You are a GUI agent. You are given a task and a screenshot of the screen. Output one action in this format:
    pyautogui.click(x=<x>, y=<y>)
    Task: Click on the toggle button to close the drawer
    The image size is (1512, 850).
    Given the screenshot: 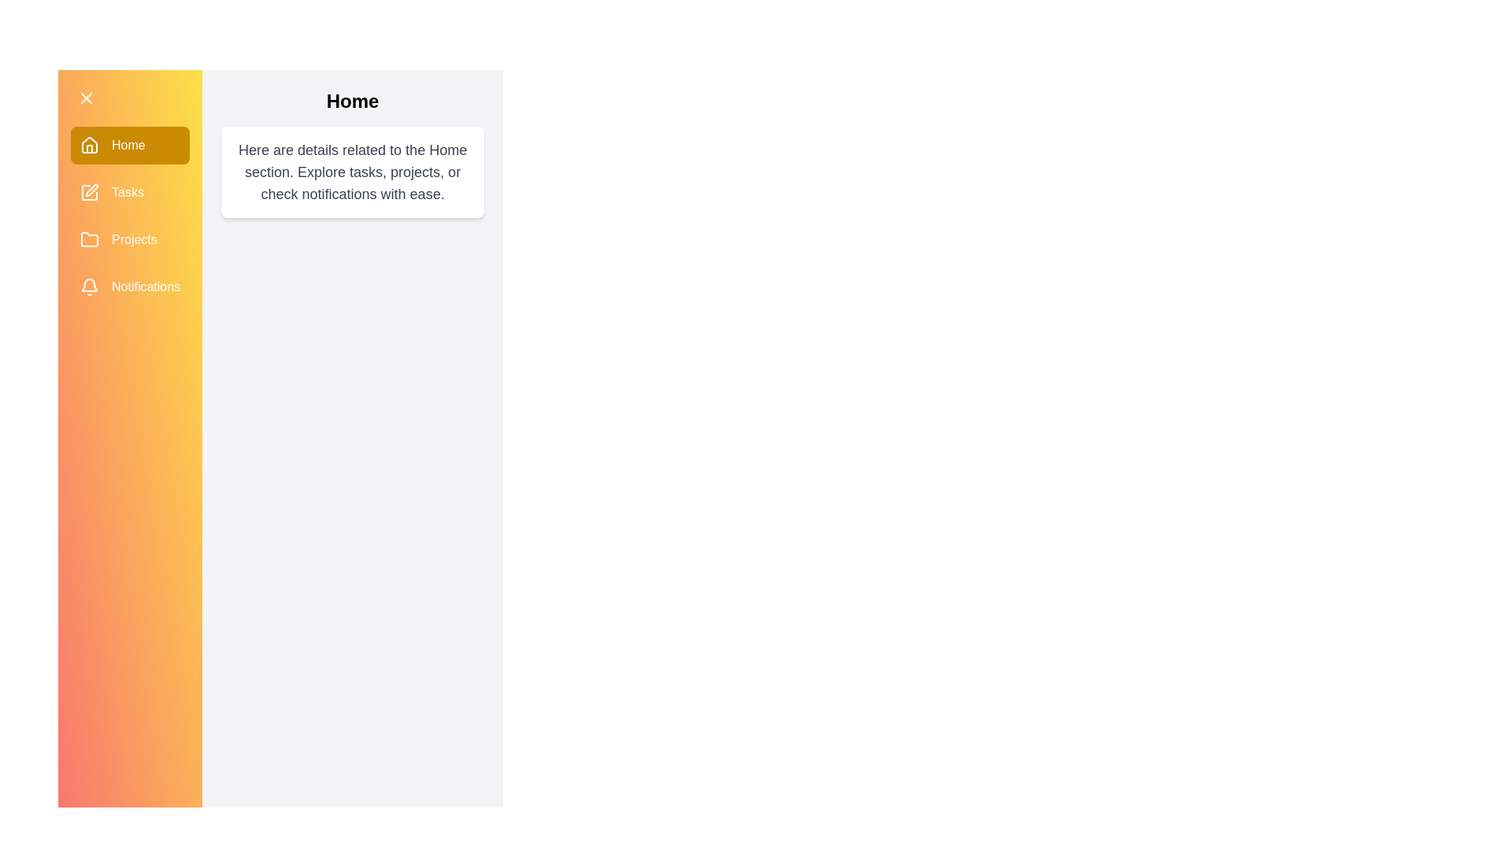 What is the action you would take?
    pyautogui.click(x=129, y=98)
    